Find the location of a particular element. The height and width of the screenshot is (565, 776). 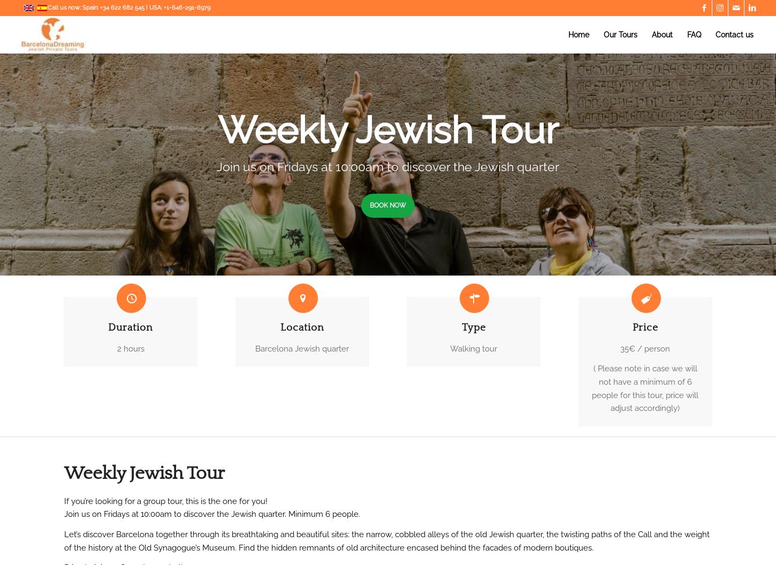

'Price' is located at coordinates (632, 327).